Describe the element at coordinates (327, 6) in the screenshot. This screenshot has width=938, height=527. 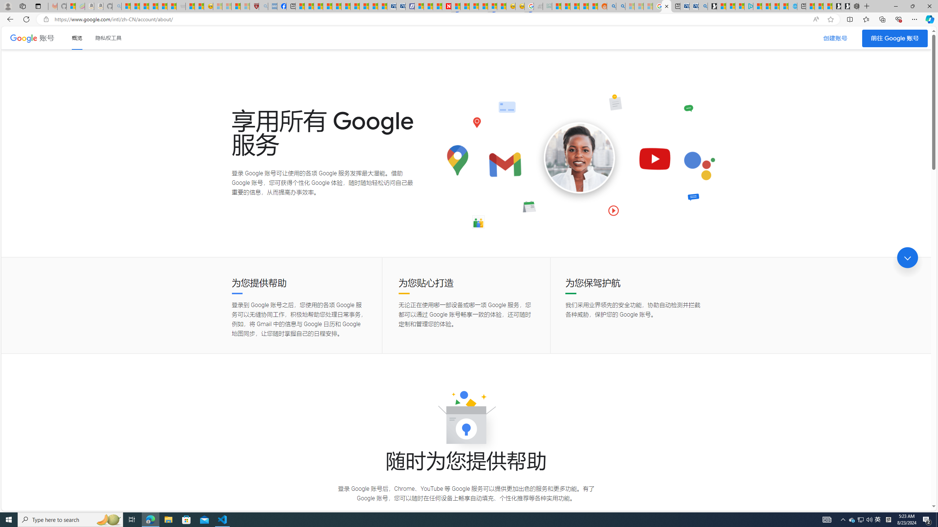
I see `'Climate Damage Becomes Too Severe To Reverse'` at that location.